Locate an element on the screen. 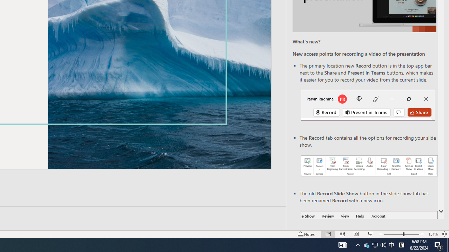  'Zoom 131%' is located at coordinates (433, 234).